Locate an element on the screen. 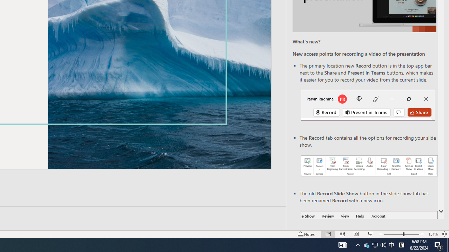  'Zoom 131%' is located at coordinates (433, 234).